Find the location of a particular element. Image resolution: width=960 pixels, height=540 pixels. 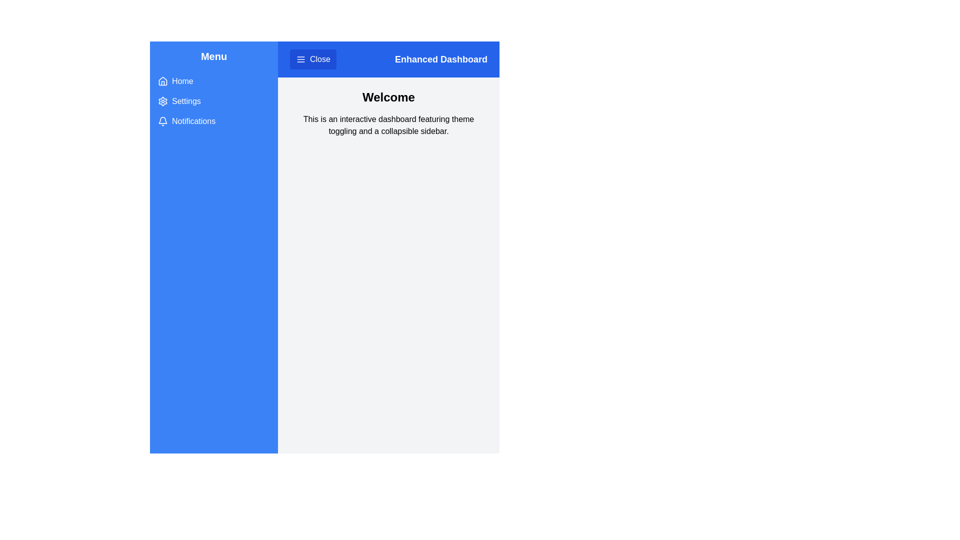

the descriptive header text label at the top of the left sidebar, which precedes elements like 'Home', 'Settings', and 'Notifications' is located at coordinates (213, 56).